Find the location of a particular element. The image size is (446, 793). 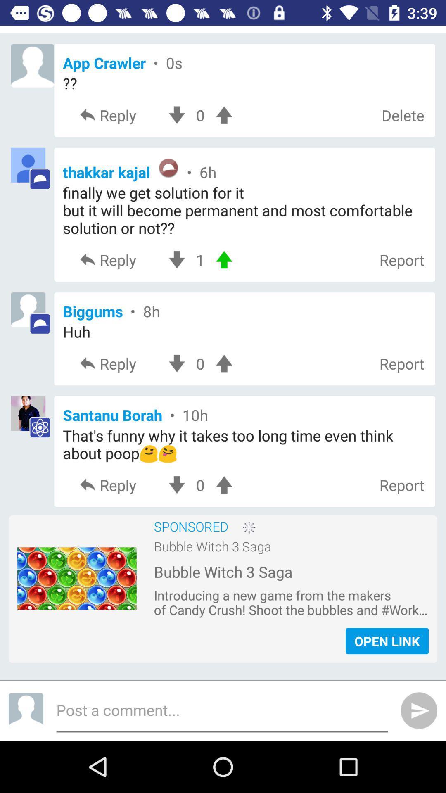

the text called delete is located at coordinates (402, 115).